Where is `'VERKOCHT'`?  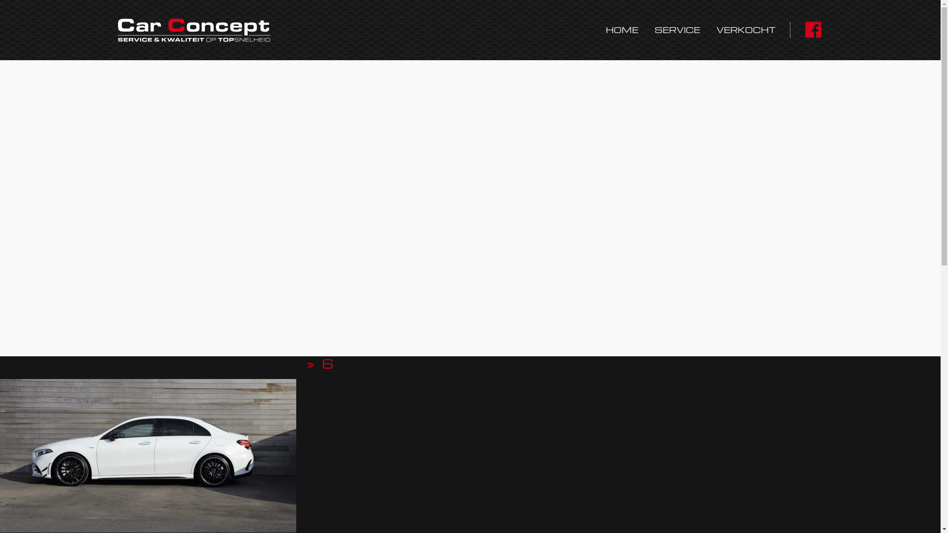 'VERKOCHT' is located at coordinates (746, 29).